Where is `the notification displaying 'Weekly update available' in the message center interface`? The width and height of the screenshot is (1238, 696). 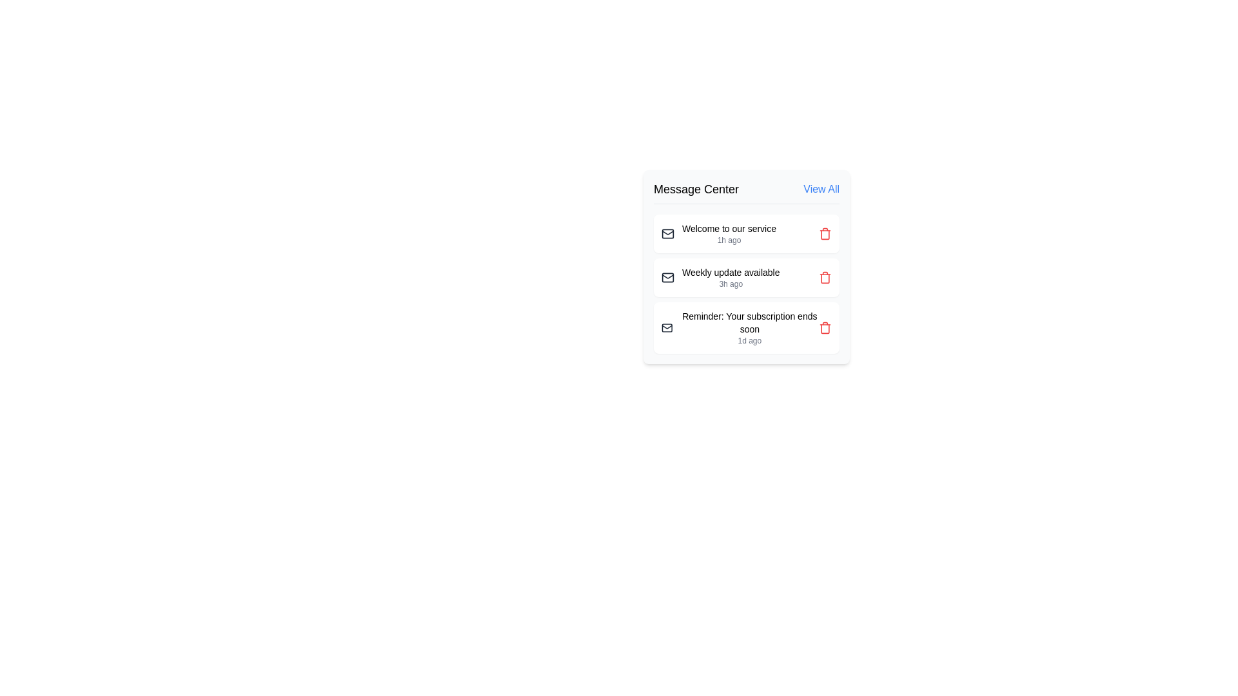
the notification displaying 'Weekly update available' in the message center interface is located at coordinates (746, 266).